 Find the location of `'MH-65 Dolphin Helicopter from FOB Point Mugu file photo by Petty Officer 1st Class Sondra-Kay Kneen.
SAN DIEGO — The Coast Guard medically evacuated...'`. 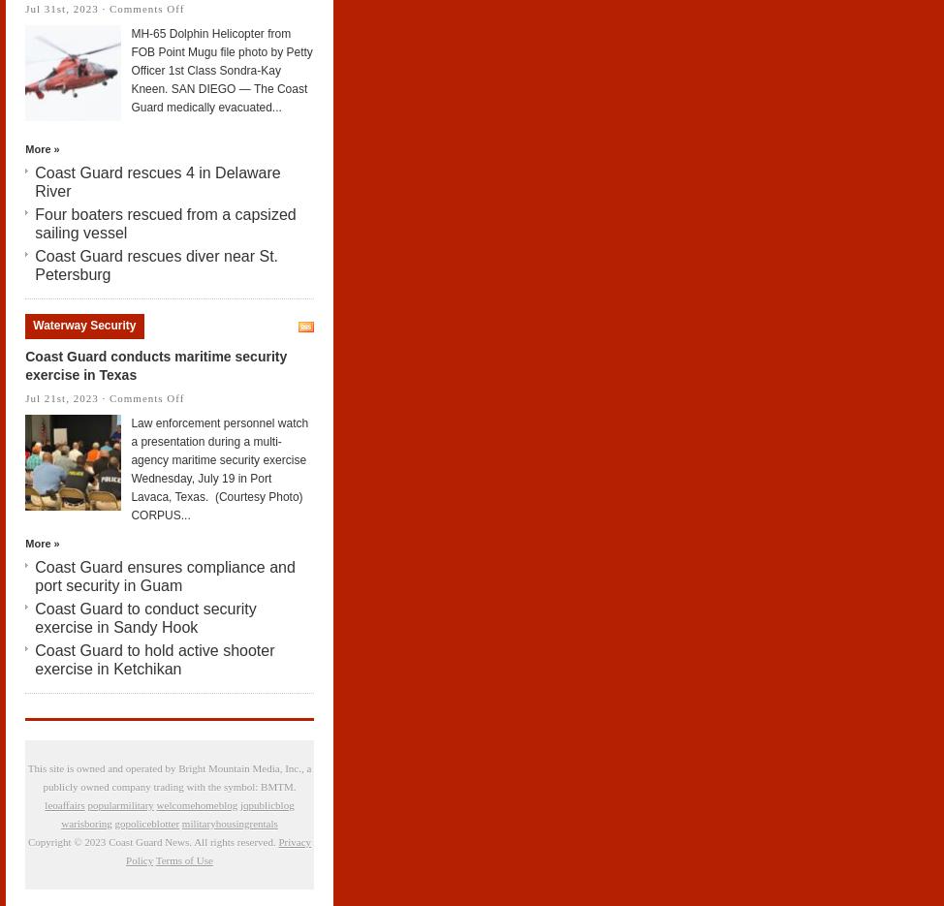

'MH-65 Dolphin Helicopter from FOB Point Mugu file photo by Petty Officer 1st Class Sondra-Kay Kneen.
SAN DIEGO — The Coast Guard medically evacuated...' is located at coordinates (129, 69).